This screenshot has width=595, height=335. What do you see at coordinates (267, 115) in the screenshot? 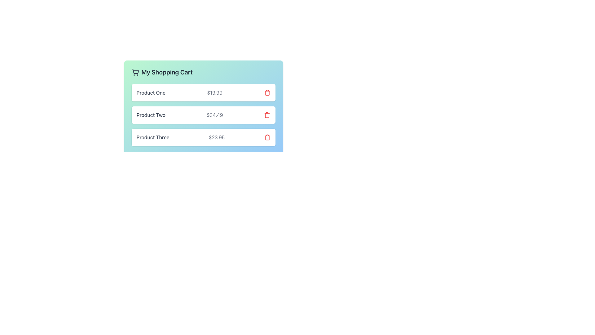
I see `the red trash icon button located in the top-right corner of the 'Product Two' card` at bounding box center [267, 115].